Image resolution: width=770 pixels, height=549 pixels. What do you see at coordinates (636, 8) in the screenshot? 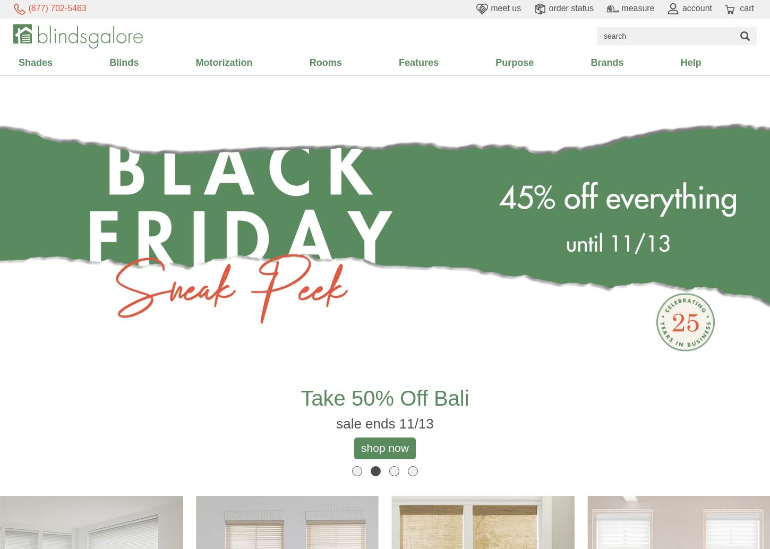
I see `'measure'` at bounding box center [636, 8].